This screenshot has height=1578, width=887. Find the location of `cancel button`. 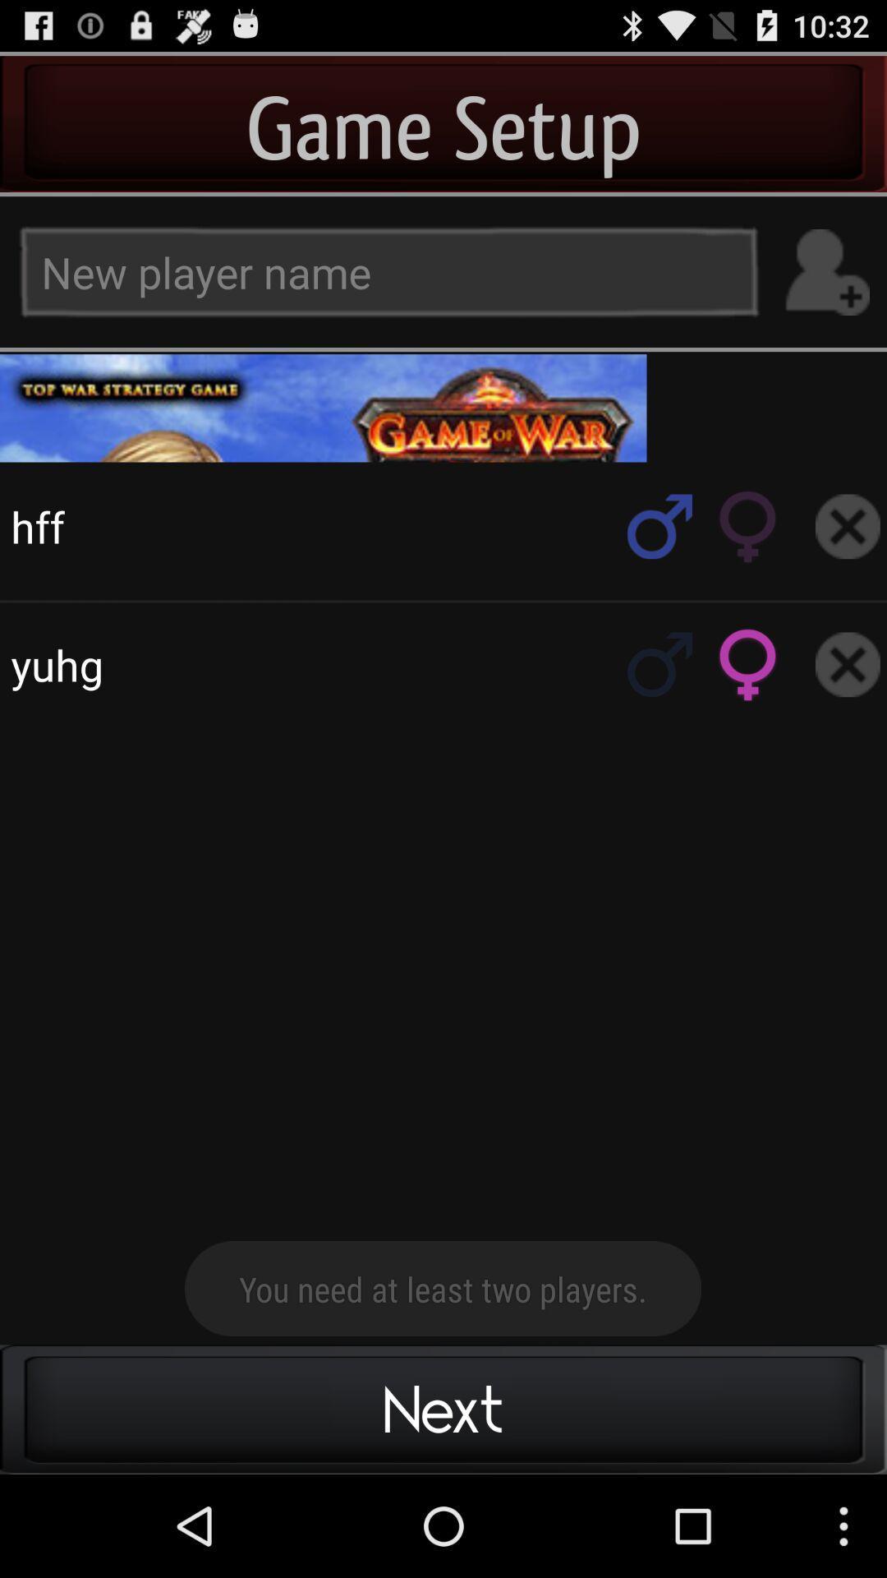

cancel button is located at coordinates (848, 664).